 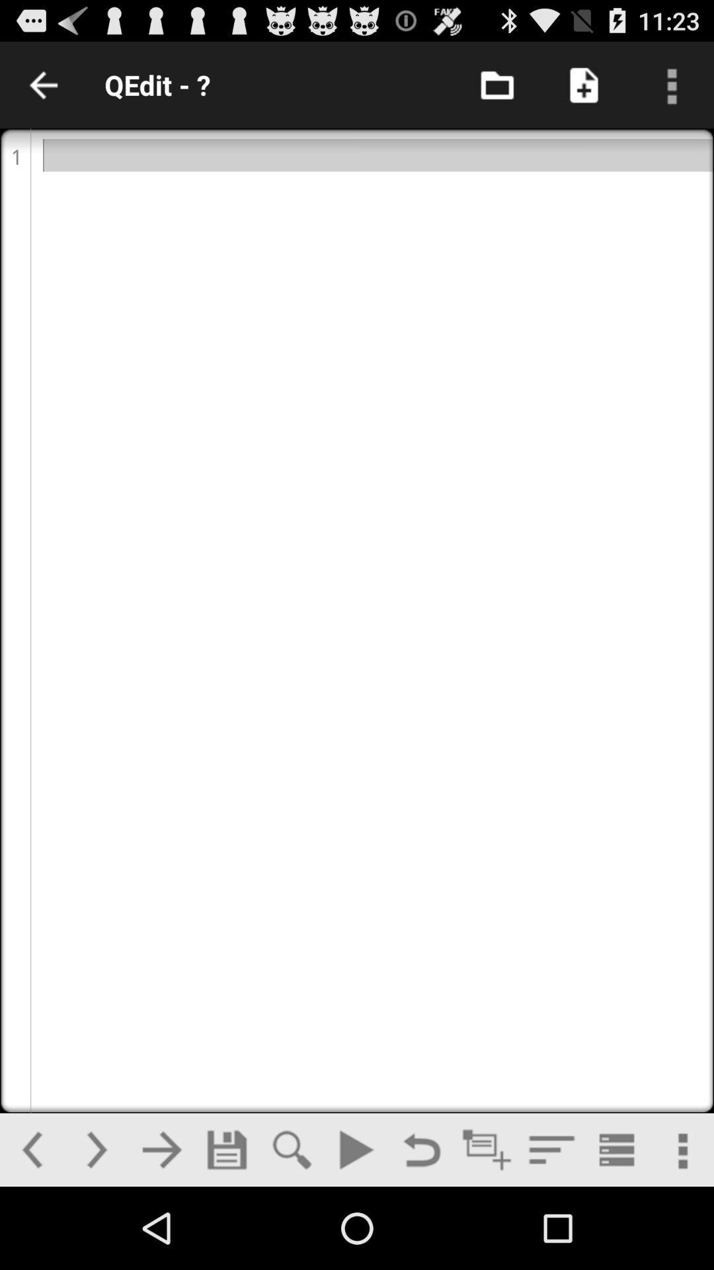 What do you see at coordinates (226, 1149) in the screenshot?
I see `to save the files` at bounding box center [226, 1149].